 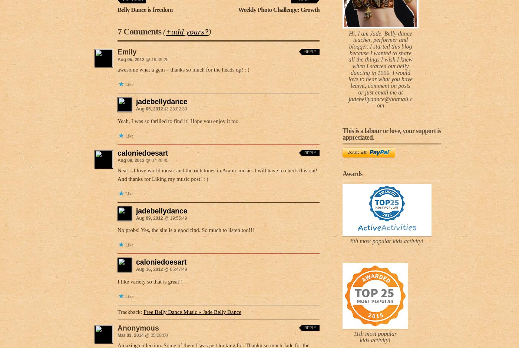 What do you see at coordinates (175, 109) in the screenshot?
I see `'@ 23:02:30'` at bounding box center [175, 109].